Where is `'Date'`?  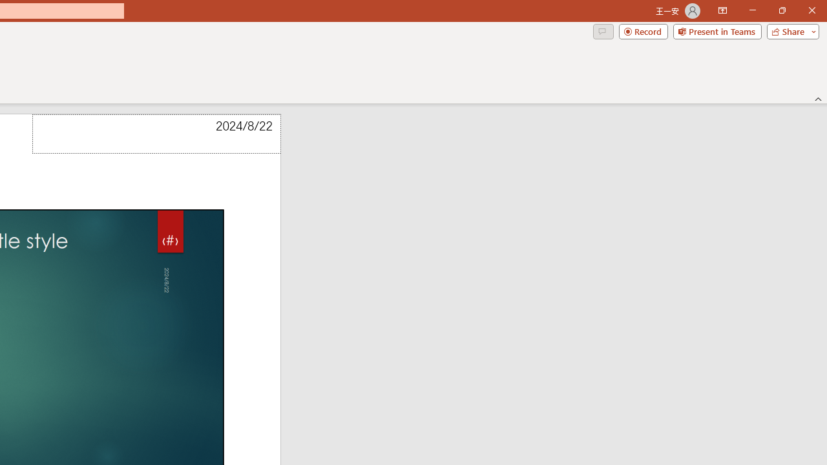
'Date' is located at coordinates (156, 134).